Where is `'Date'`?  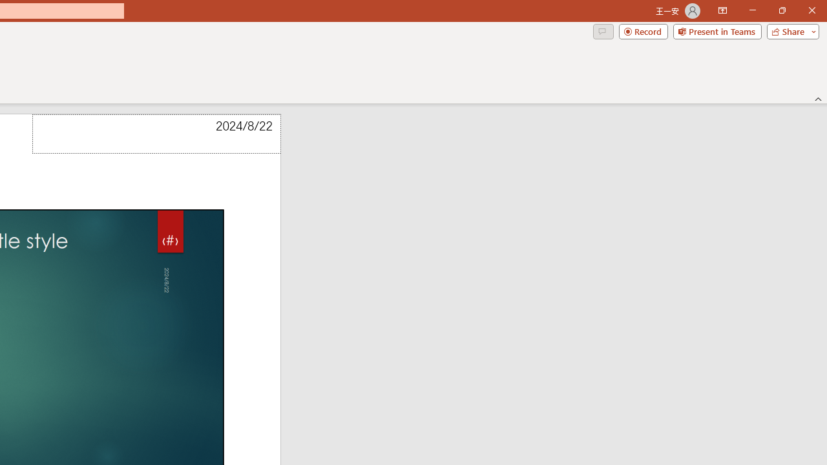
'Date' is located at coordinates (156, 134).